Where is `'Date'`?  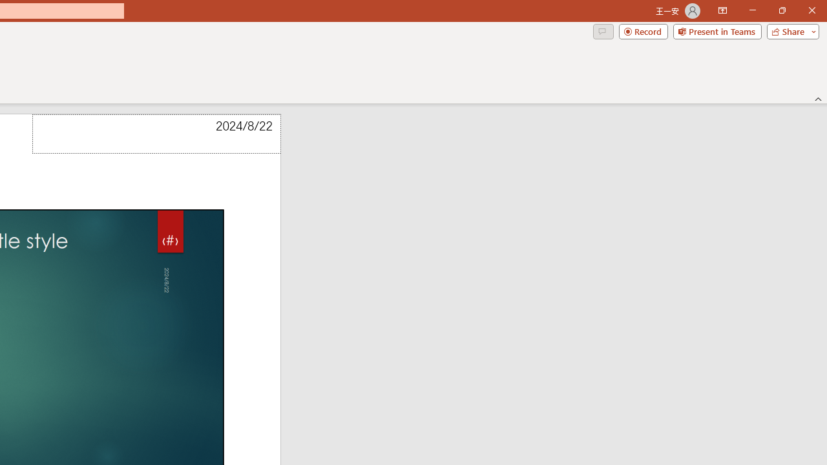
'Date' is located at coordinates (156, 134).